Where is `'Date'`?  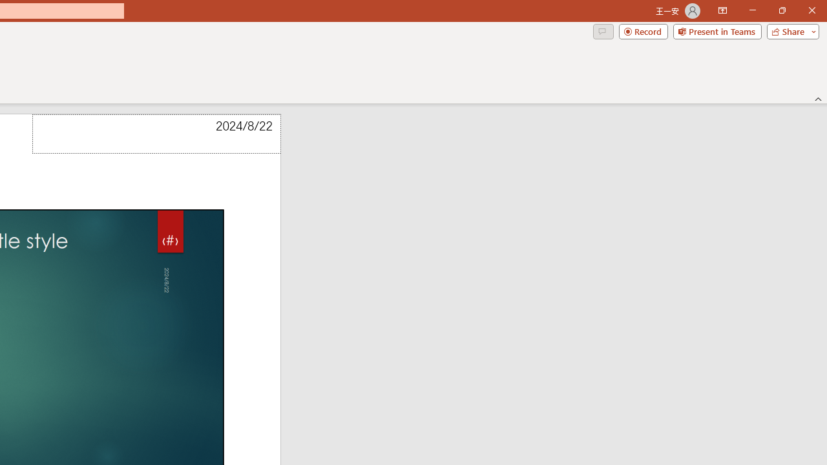
'Date' is located at coordinates (156, 134).